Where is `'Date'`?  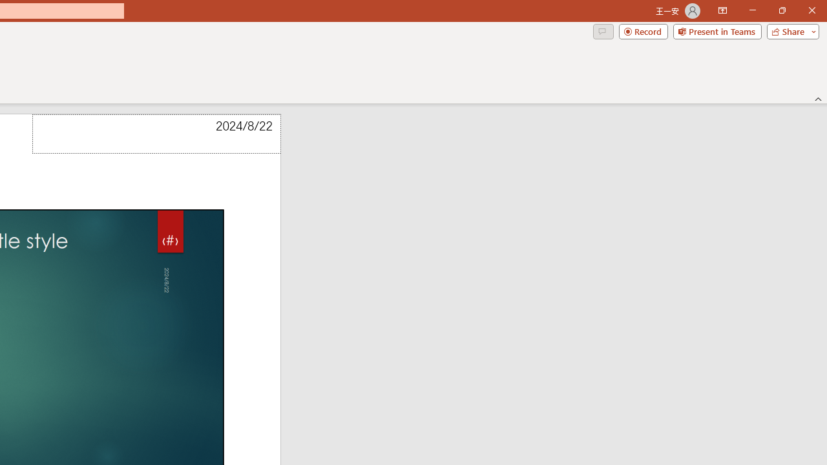
'Date' is located at coordinates (156, 134).